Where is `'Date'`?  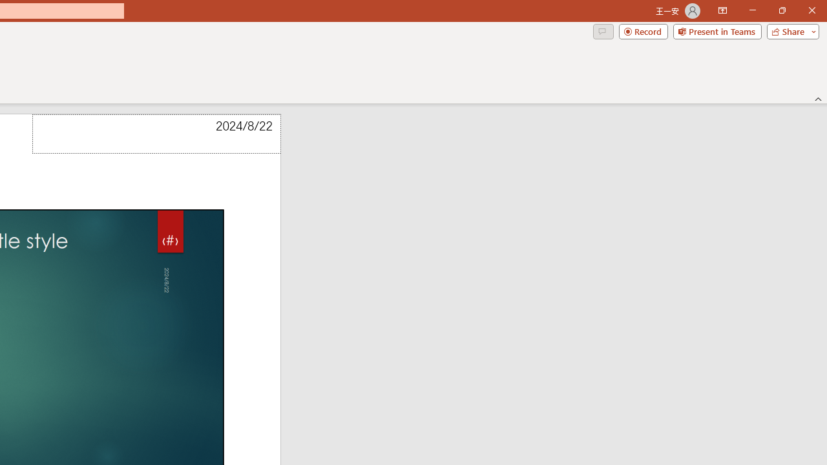
'Date' is located at coordinates (156, 134).